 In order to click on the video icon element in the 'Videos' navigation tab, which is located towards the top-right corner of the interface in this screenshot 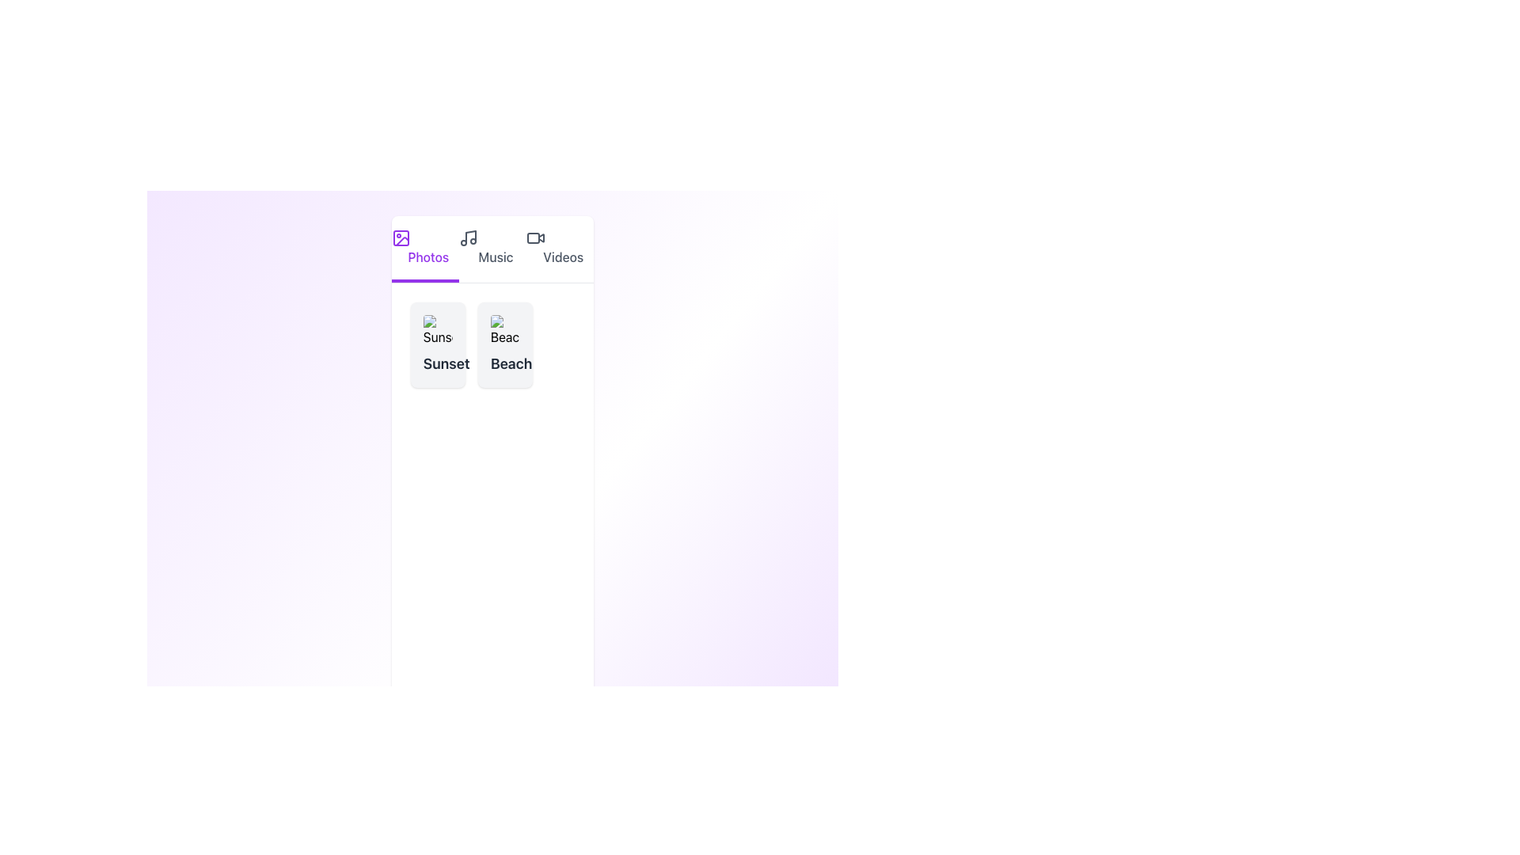, I will do `click(541, 237)`.